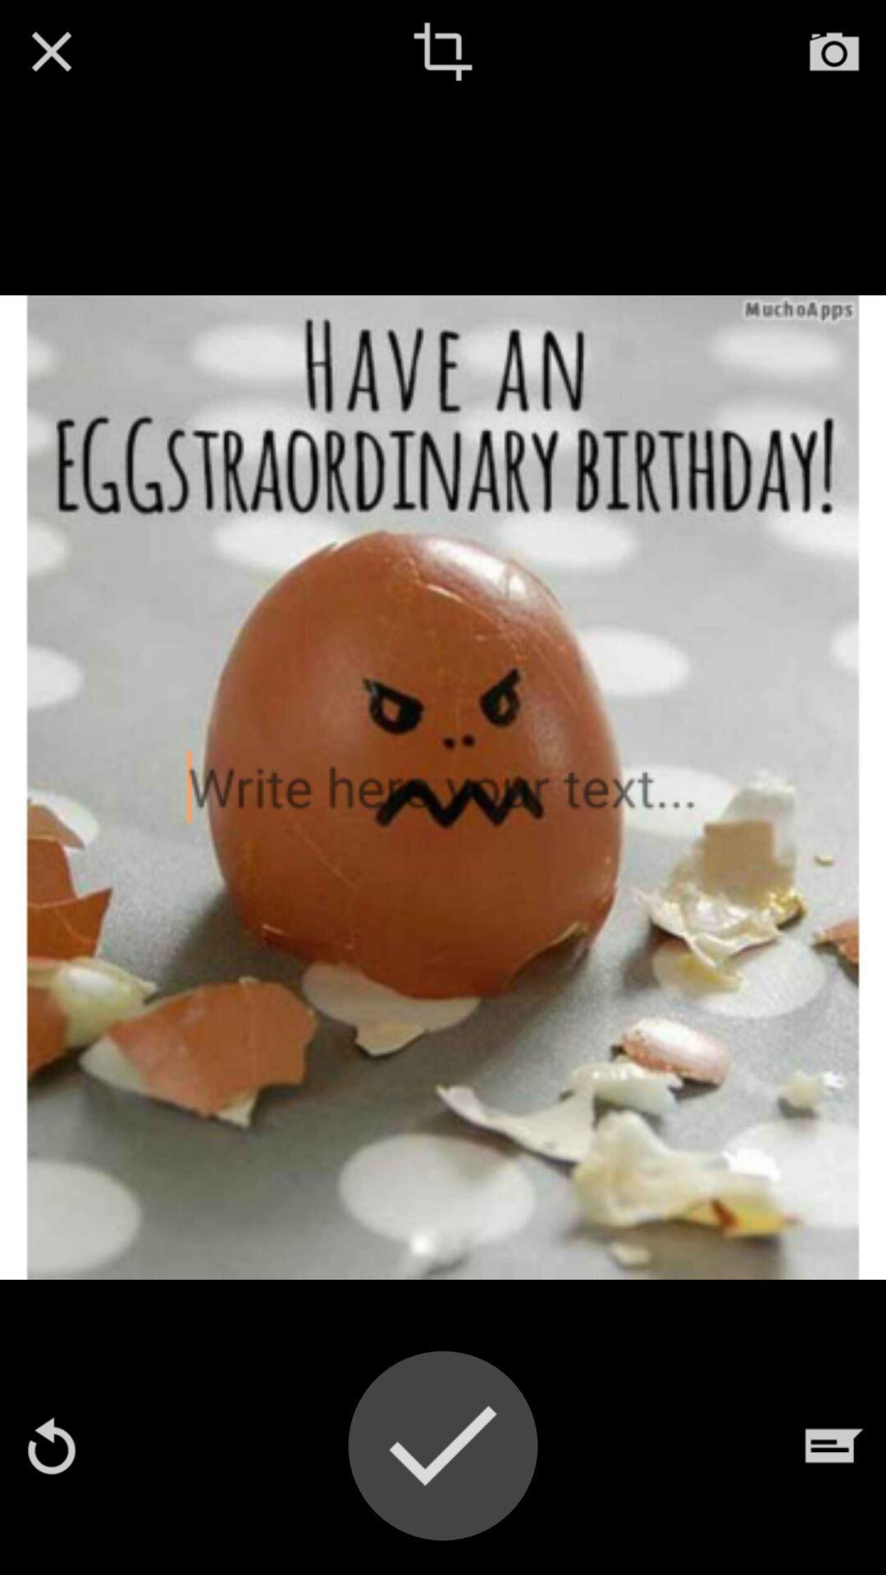 Image resolution: width=886 pixels, height=1575 pixels. What do you see at coordinates (834, 51) in the screenshot?
I see `open camera` at bounding box center [834, 51].